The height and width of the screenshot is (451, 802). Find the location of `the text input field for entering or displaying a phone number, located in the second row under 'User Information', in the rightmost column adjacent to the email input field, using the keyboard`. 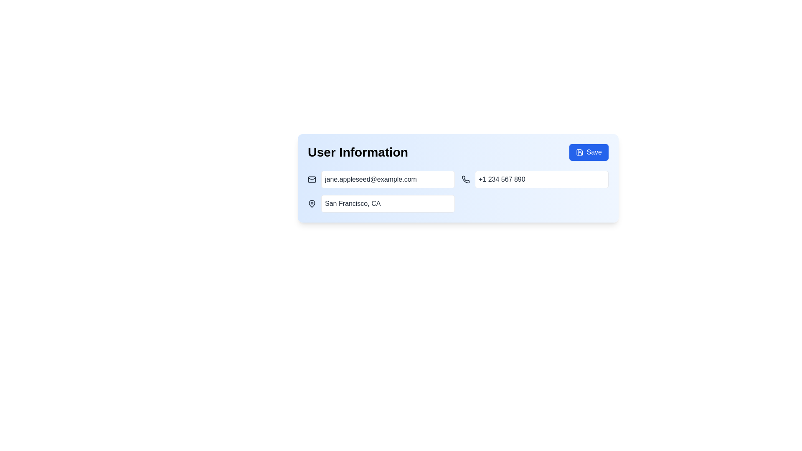

the text input field for entering or displaying a phone number, located in the second row under 'User Information', in the rightmost column adjacent to the email input field, using the keyboard is located at coordinates (535, 179).